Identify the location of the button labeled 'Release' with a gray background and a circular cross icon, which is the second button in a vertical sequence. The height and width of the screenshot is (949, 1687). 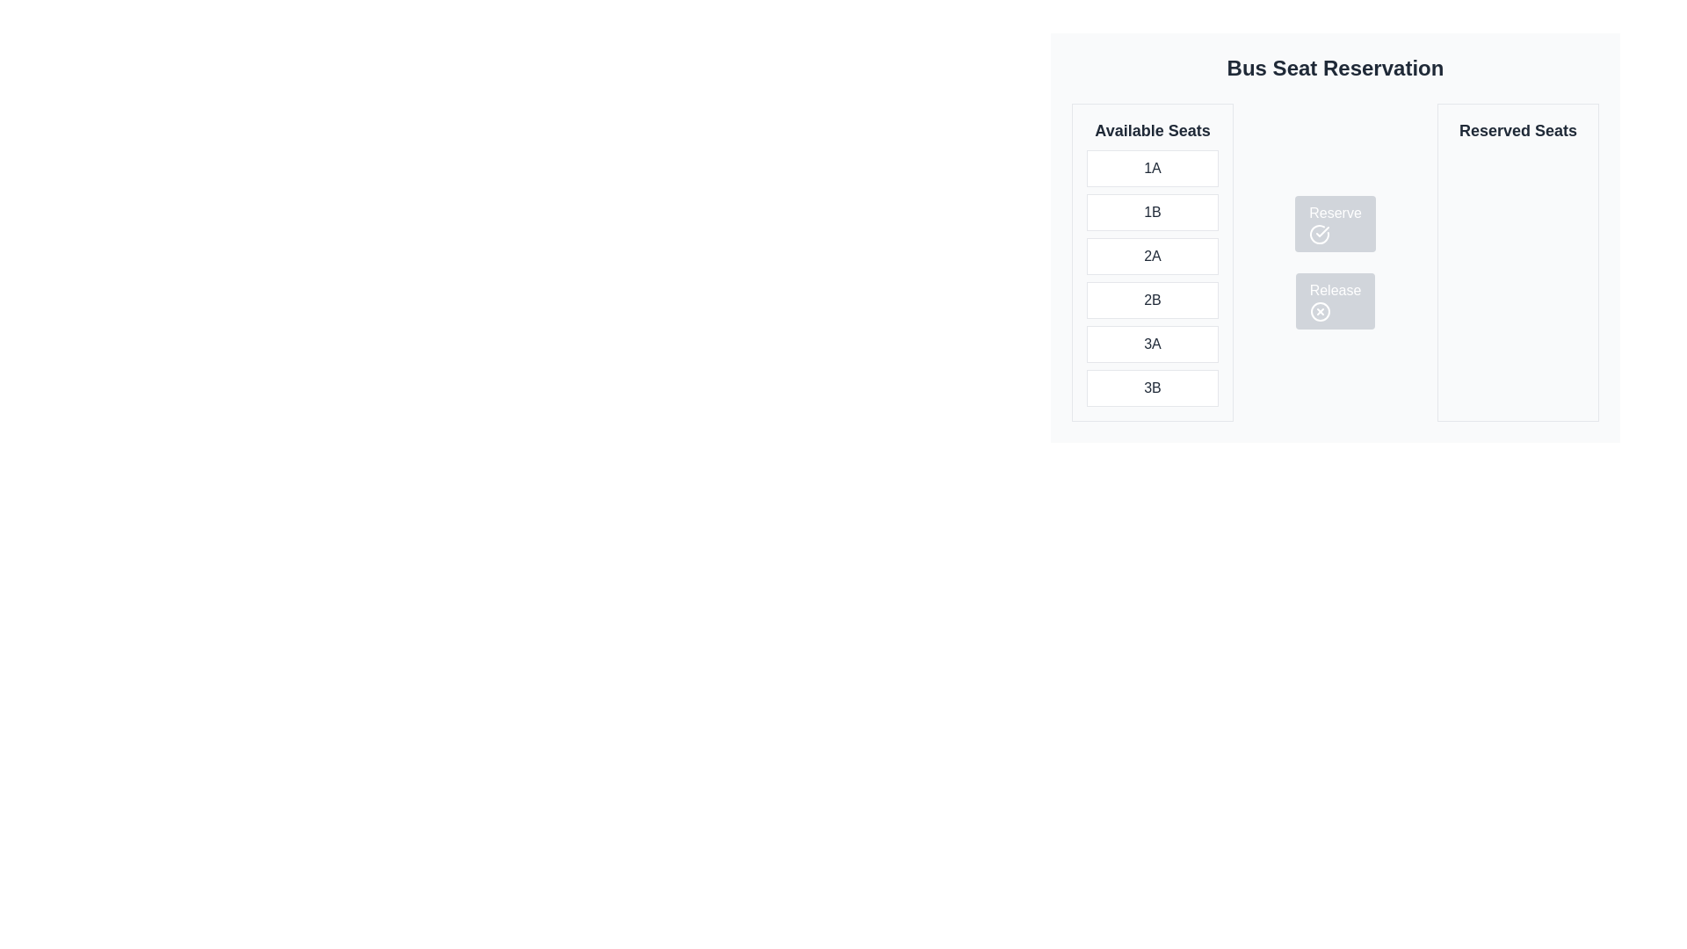
(1336, 301).